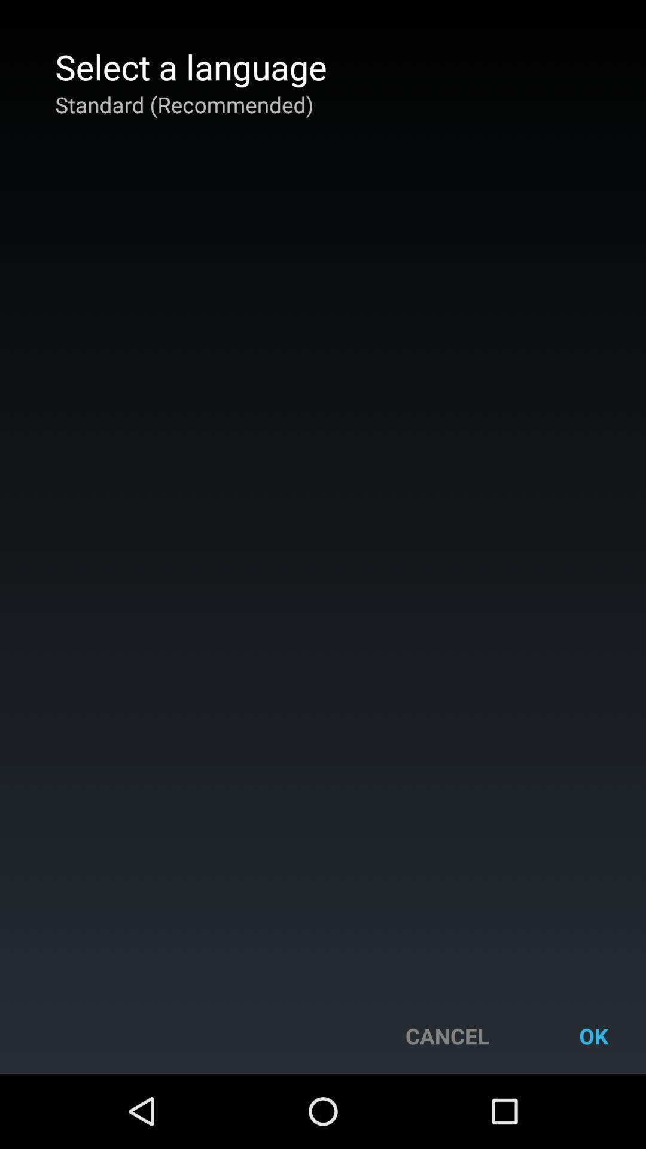 The image size is (646, 1149). I want to click on the app below the select a language app, so click(184, 104).